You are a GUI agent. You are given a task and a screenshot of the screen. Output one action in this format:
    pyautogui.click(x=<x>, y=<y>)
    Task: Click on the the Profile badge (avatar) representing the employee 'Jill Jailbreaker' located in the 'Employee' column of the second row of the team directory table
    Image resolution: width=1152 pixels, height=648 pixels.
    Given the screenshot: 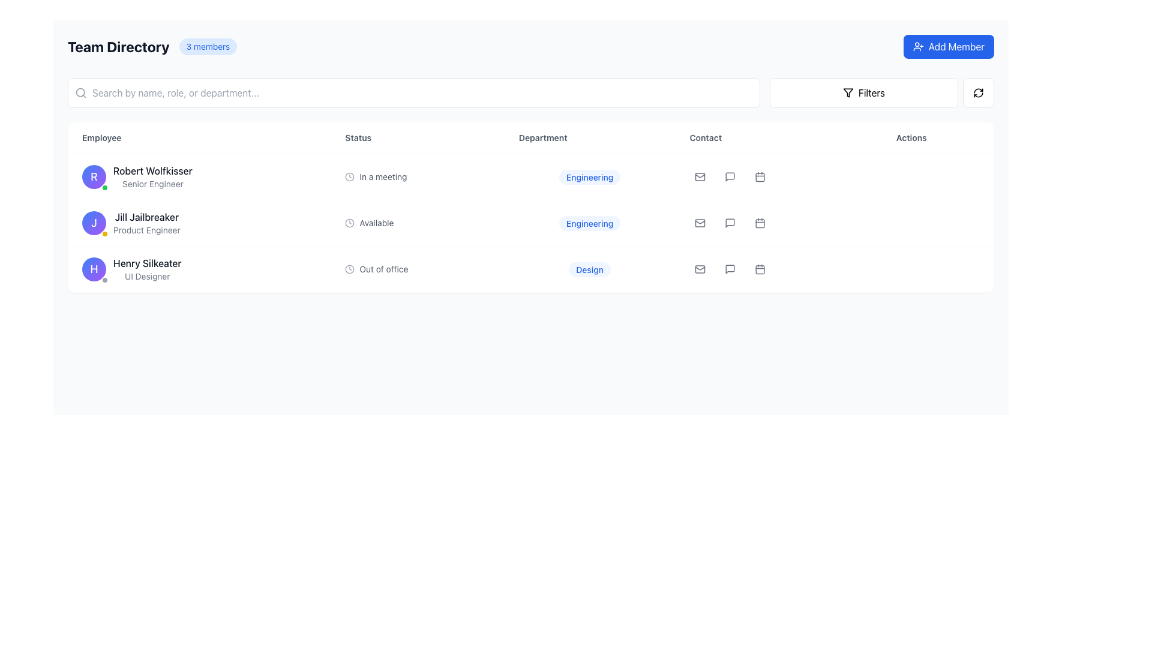 What is the action you would take?
    pyautogui.click(x=94, y=223)
    